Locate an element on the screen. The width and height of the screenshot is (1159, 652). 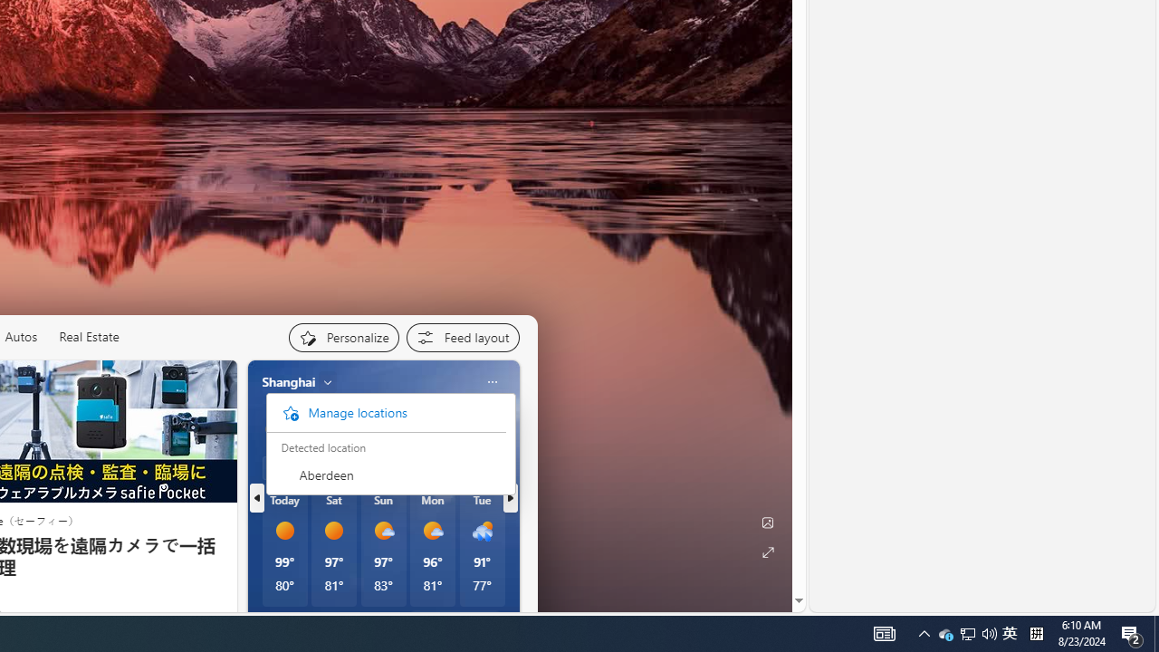
'Mostly sunny' is located at coordinates (431, 530).